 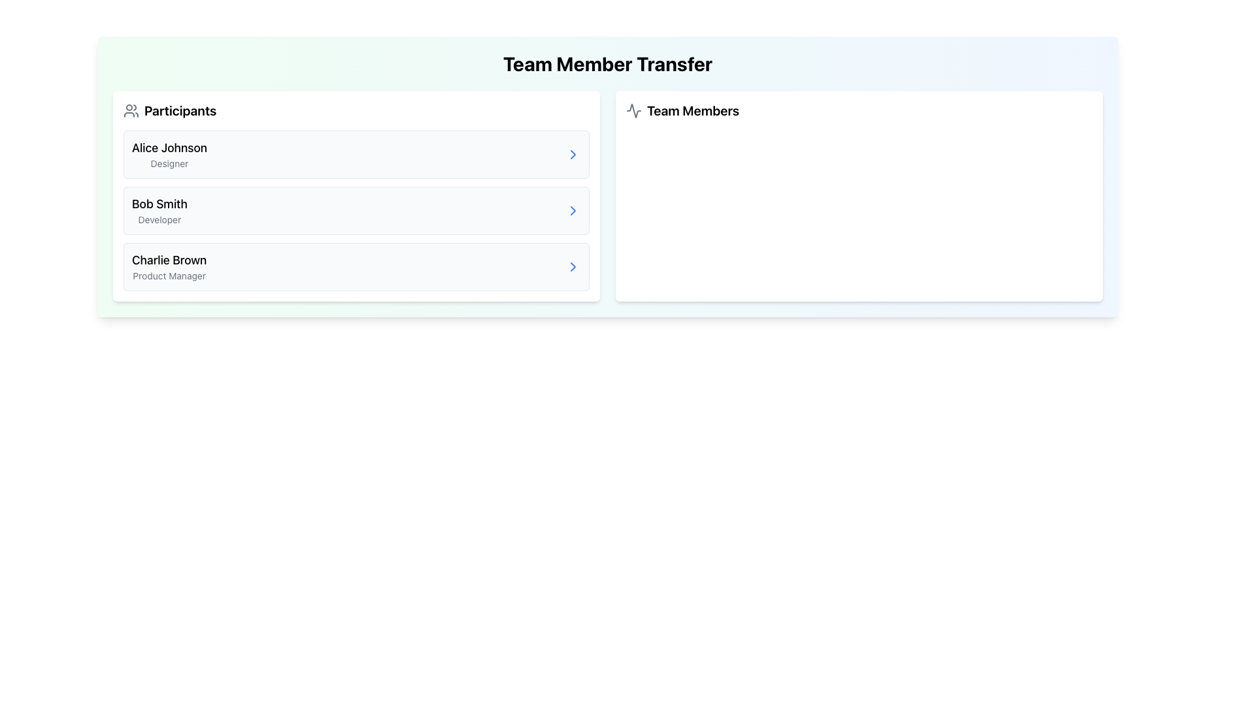 I want to click on the textual display component for 'Charlie Brown' labeled as 'Product Manager' in the list of participants, so click(x=169, y=266).